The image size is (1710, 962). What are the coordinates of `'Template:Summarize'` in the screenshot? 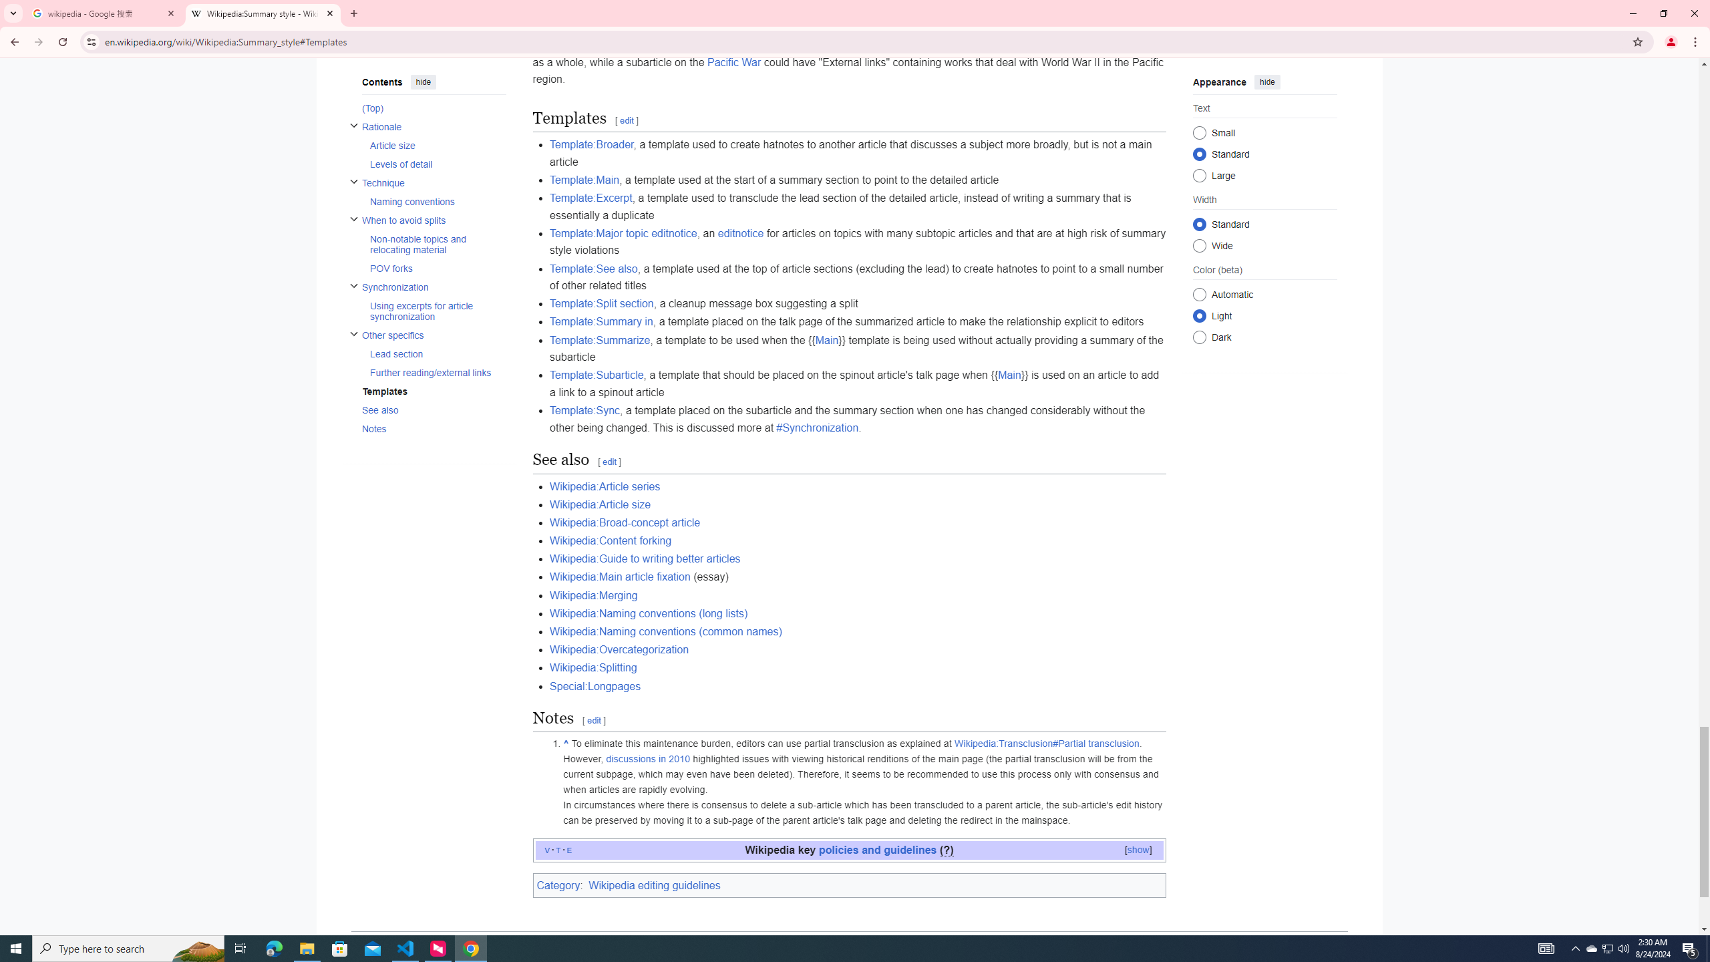 It's located at (598, 340).